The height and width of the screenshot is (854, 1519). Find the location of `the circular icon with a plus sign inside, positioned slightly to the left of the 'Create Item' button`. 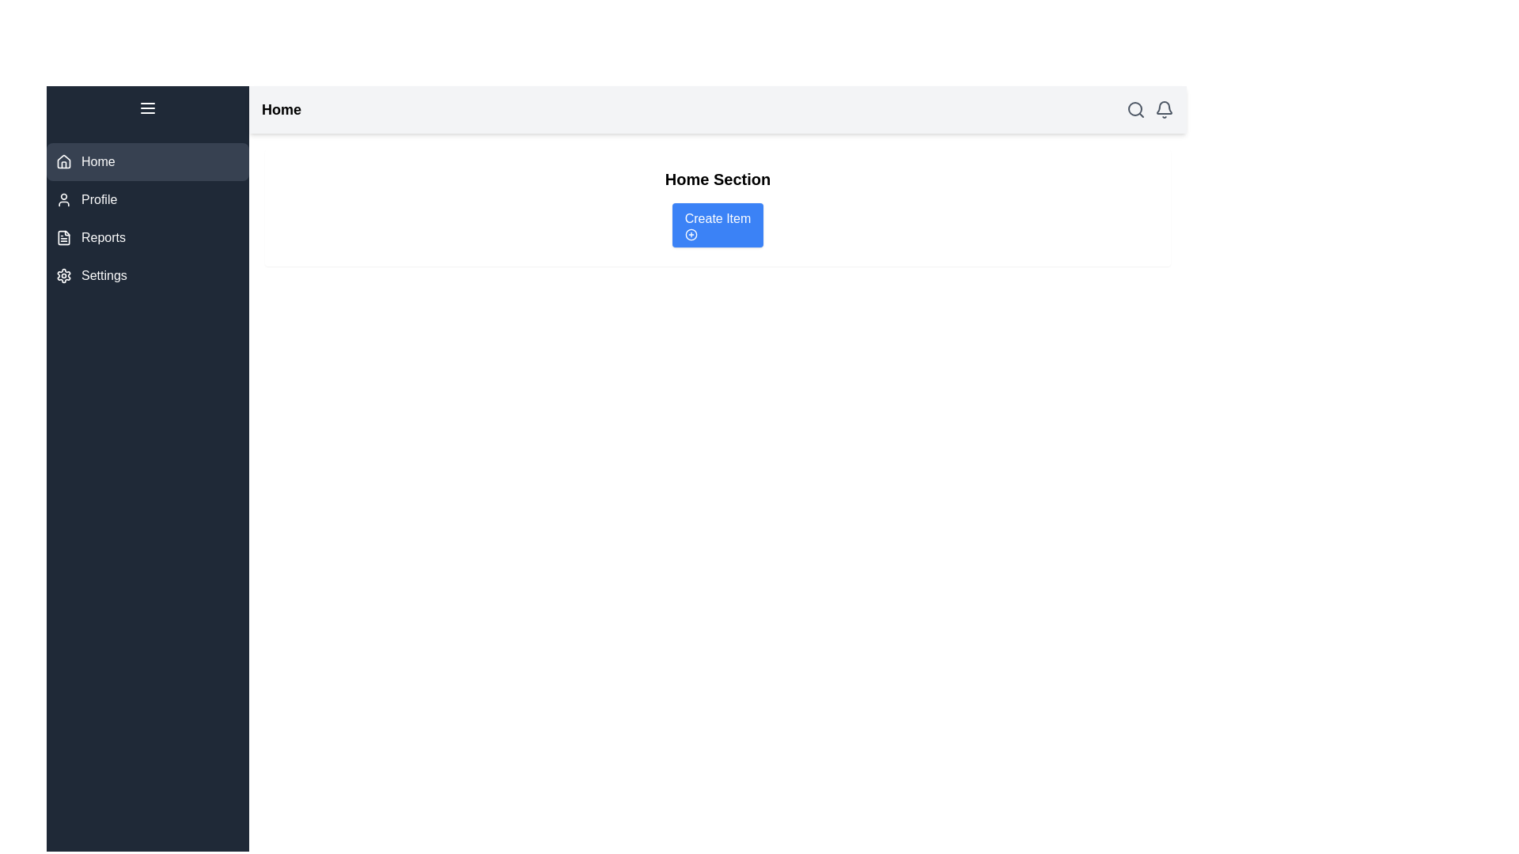

the circular icon with a plus sign inside, positioned slightly to the left of the 'Create Item' button is located at coordinates (691, 235).